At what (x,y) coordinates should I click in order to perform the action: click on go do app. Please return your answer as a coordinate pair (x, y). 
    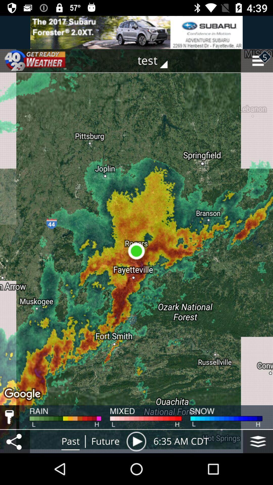
    Looking at the image, I should click on (136, 32).